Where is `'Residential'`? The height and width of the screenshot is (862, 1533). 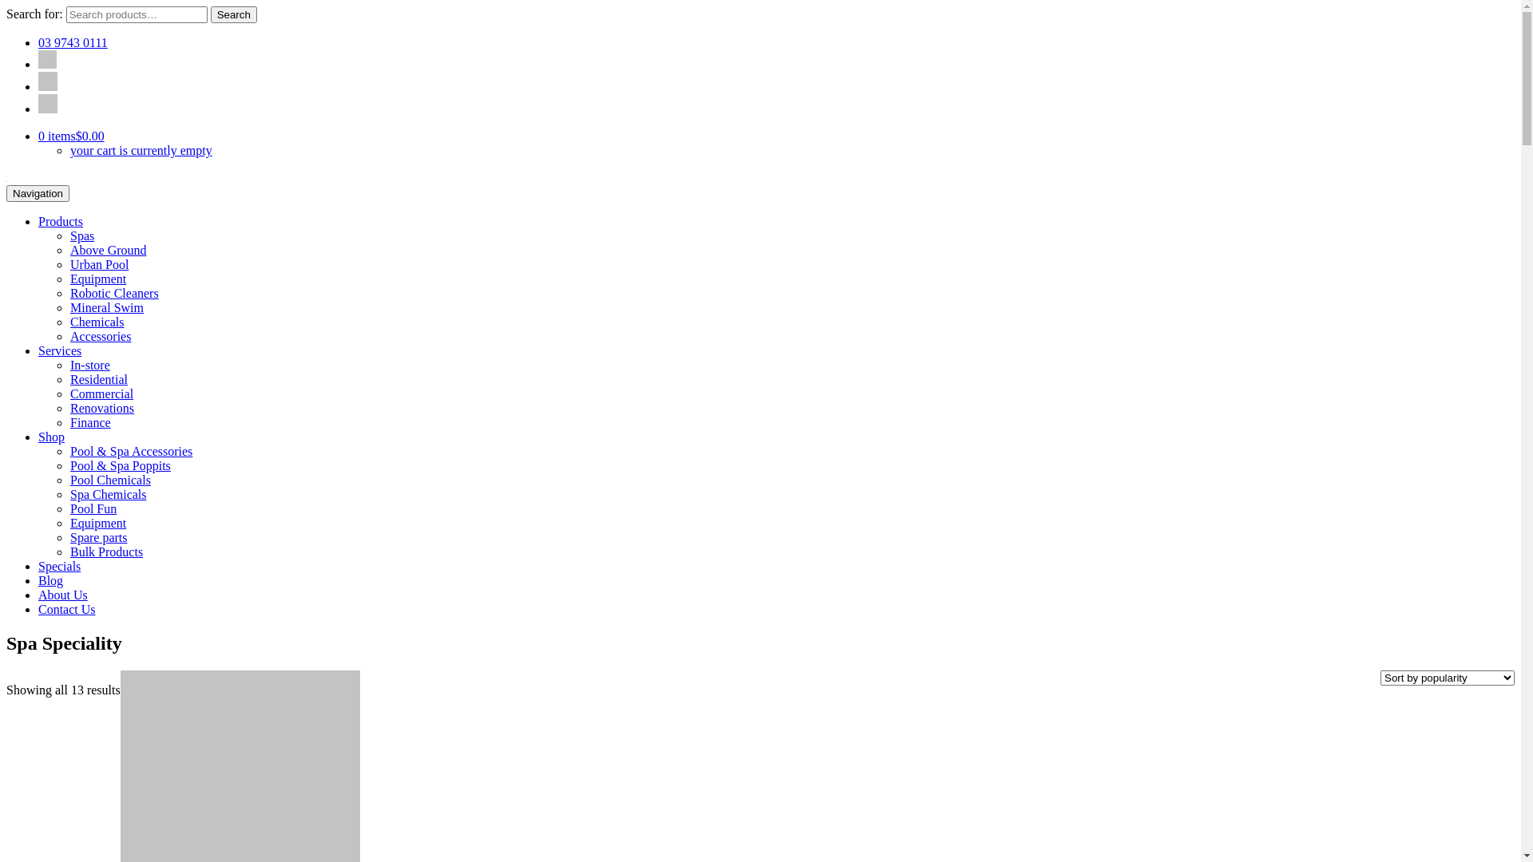
'Residential' is located at coordinates (98, 379).